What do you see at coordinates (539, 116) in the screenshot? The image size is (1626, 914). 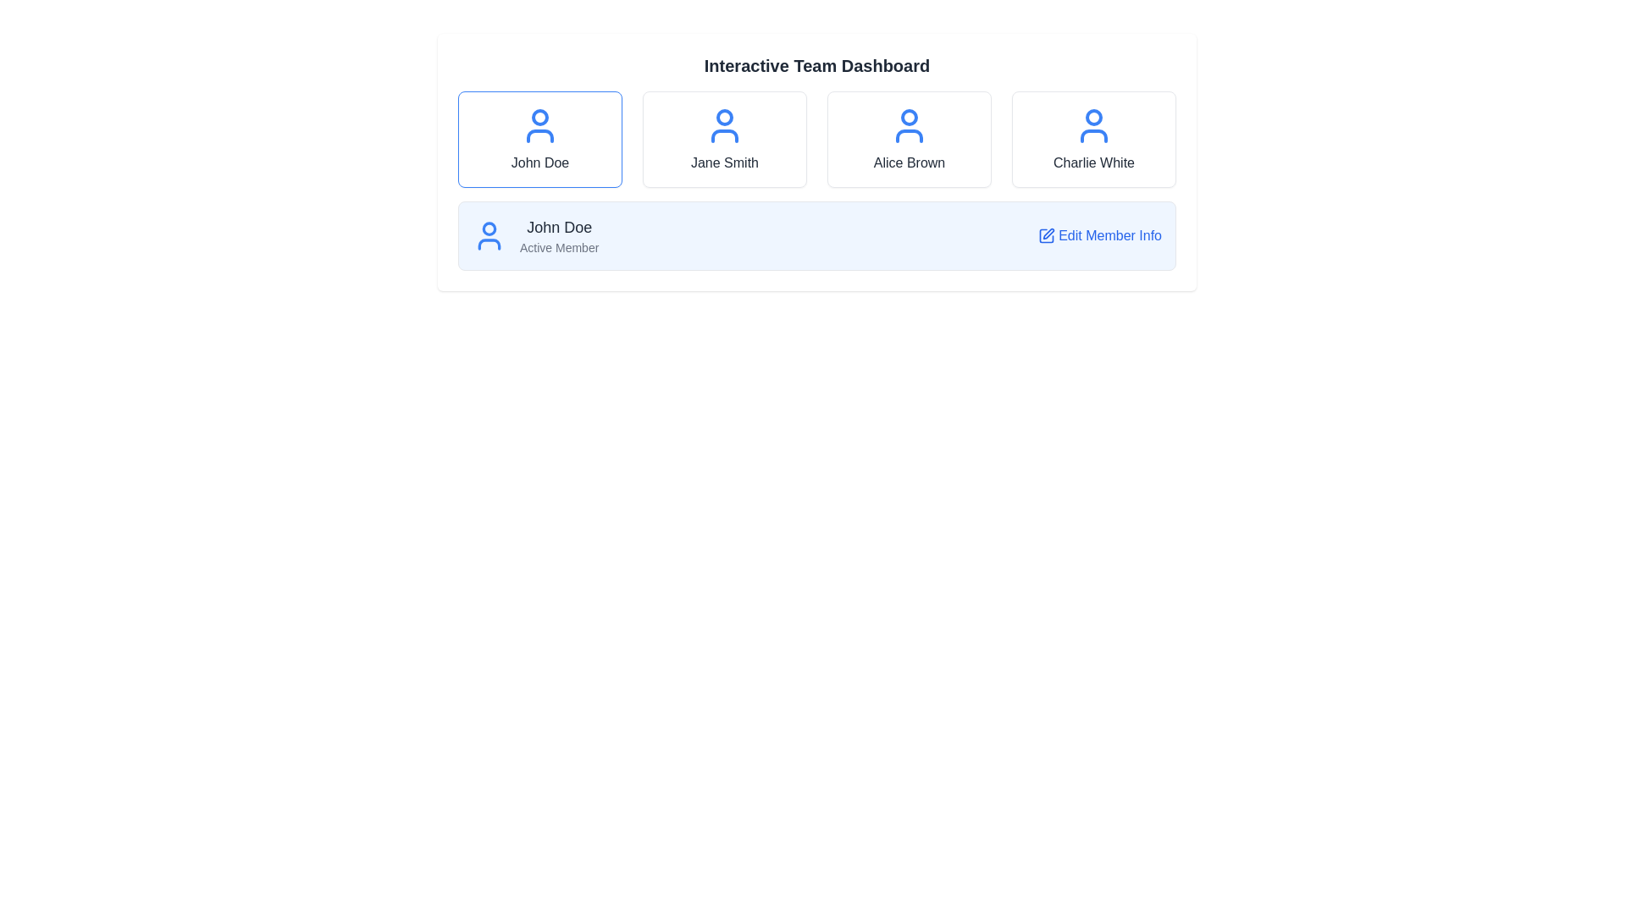 I see `the circular component representing 'John Doe' in the user icon section of the 'Interactive Team Dashboard'` at bounding box center [539, 116].